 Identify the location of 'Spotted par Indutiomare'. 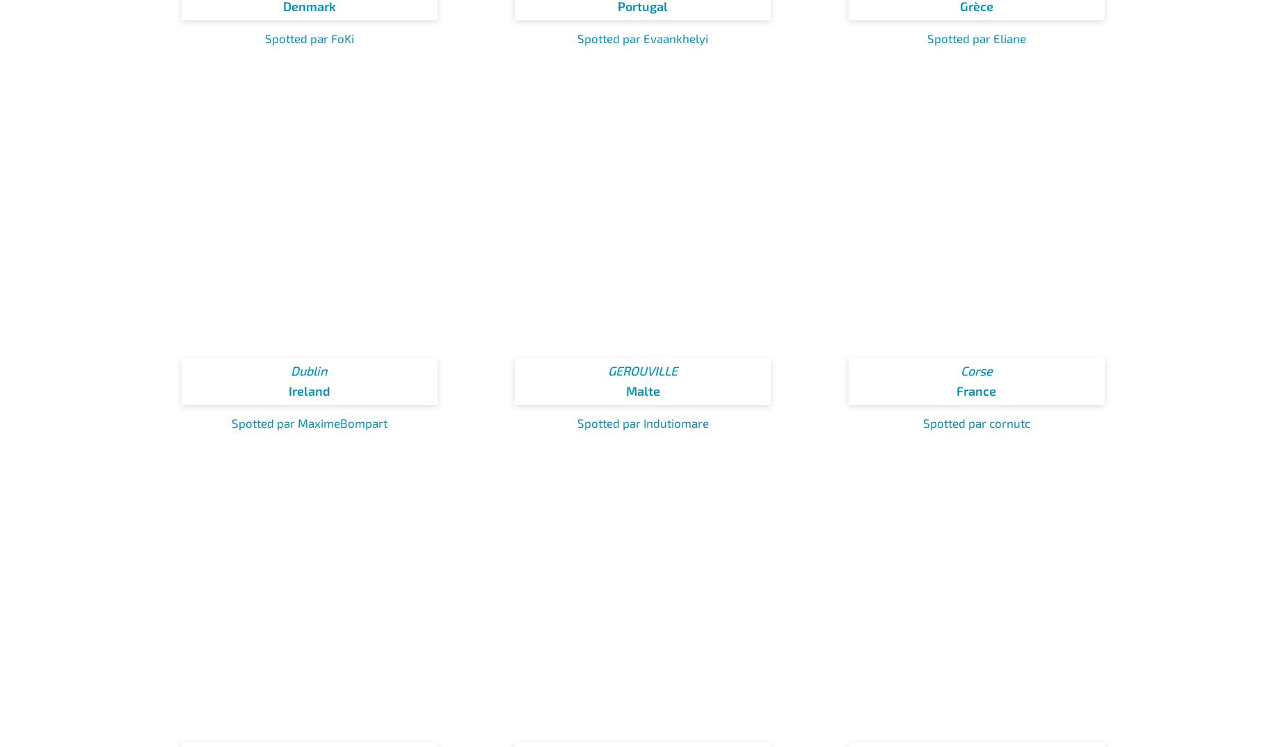
(642, 422).